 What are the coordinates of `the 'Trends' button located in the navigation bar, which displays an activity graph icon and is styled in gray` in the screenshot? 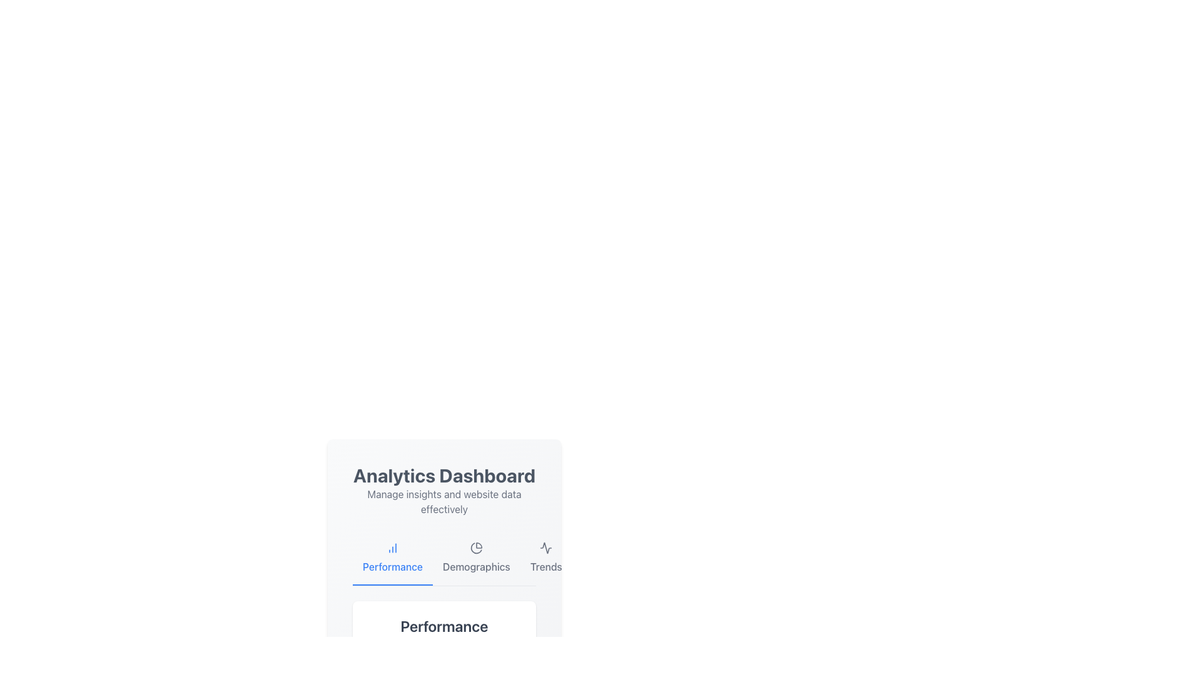 It's located at (546, 558).